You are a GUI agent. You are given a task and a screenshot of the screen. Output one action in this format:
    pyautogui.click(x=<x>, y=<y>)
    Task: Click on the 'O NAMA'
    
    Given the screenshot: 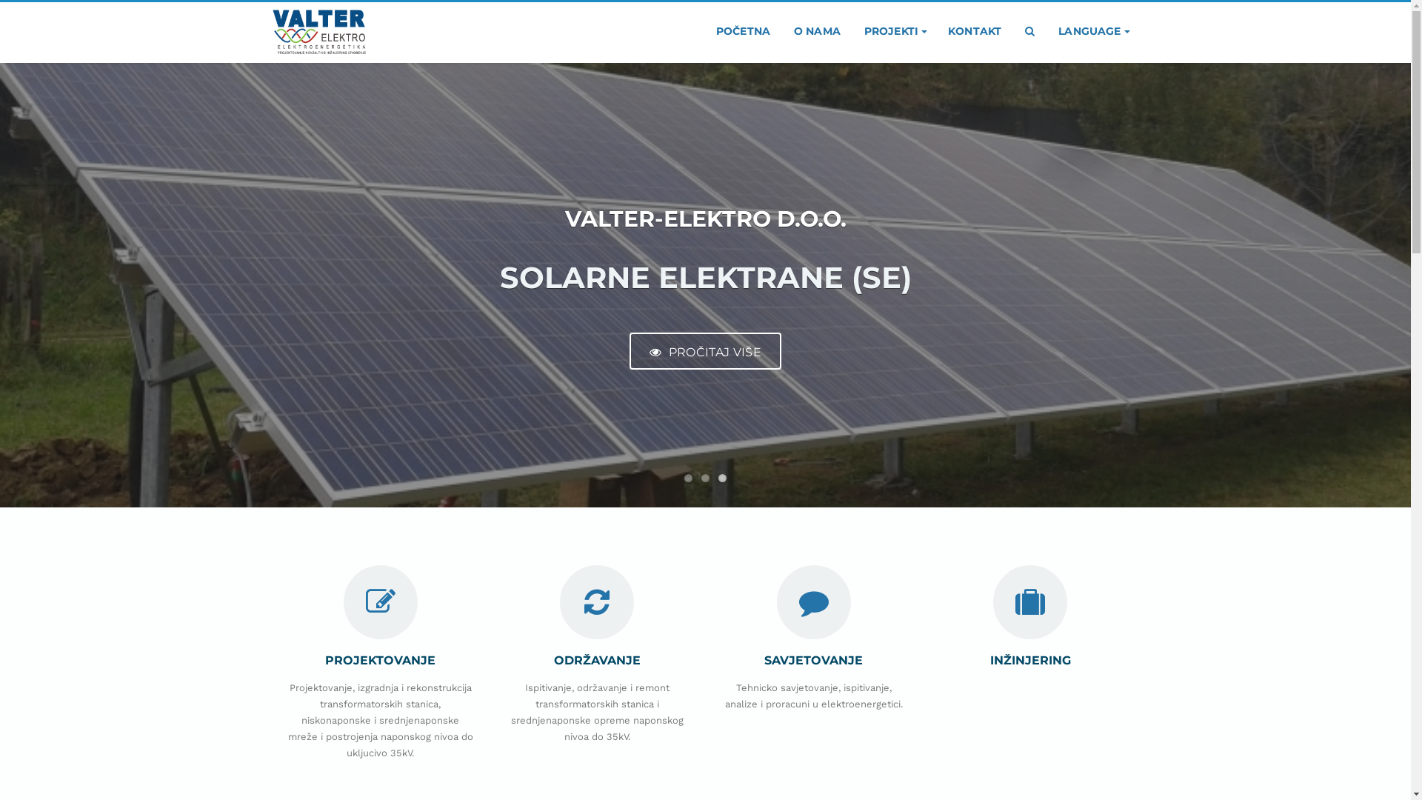 What is the action you would take?
    pyautogui.click(x=816, y=31)
    